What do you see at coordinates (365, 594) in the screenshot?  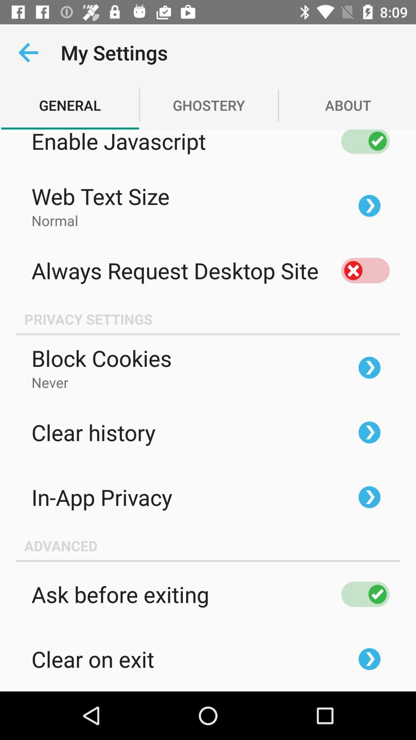 I see `active the function` at bounding box center [365, 594].